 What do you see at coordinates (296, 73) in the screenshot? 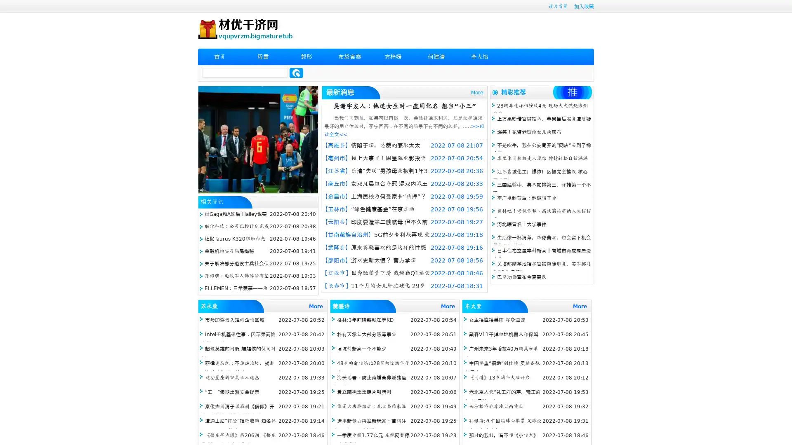
I see `Search` at bounding box center [296, 73].